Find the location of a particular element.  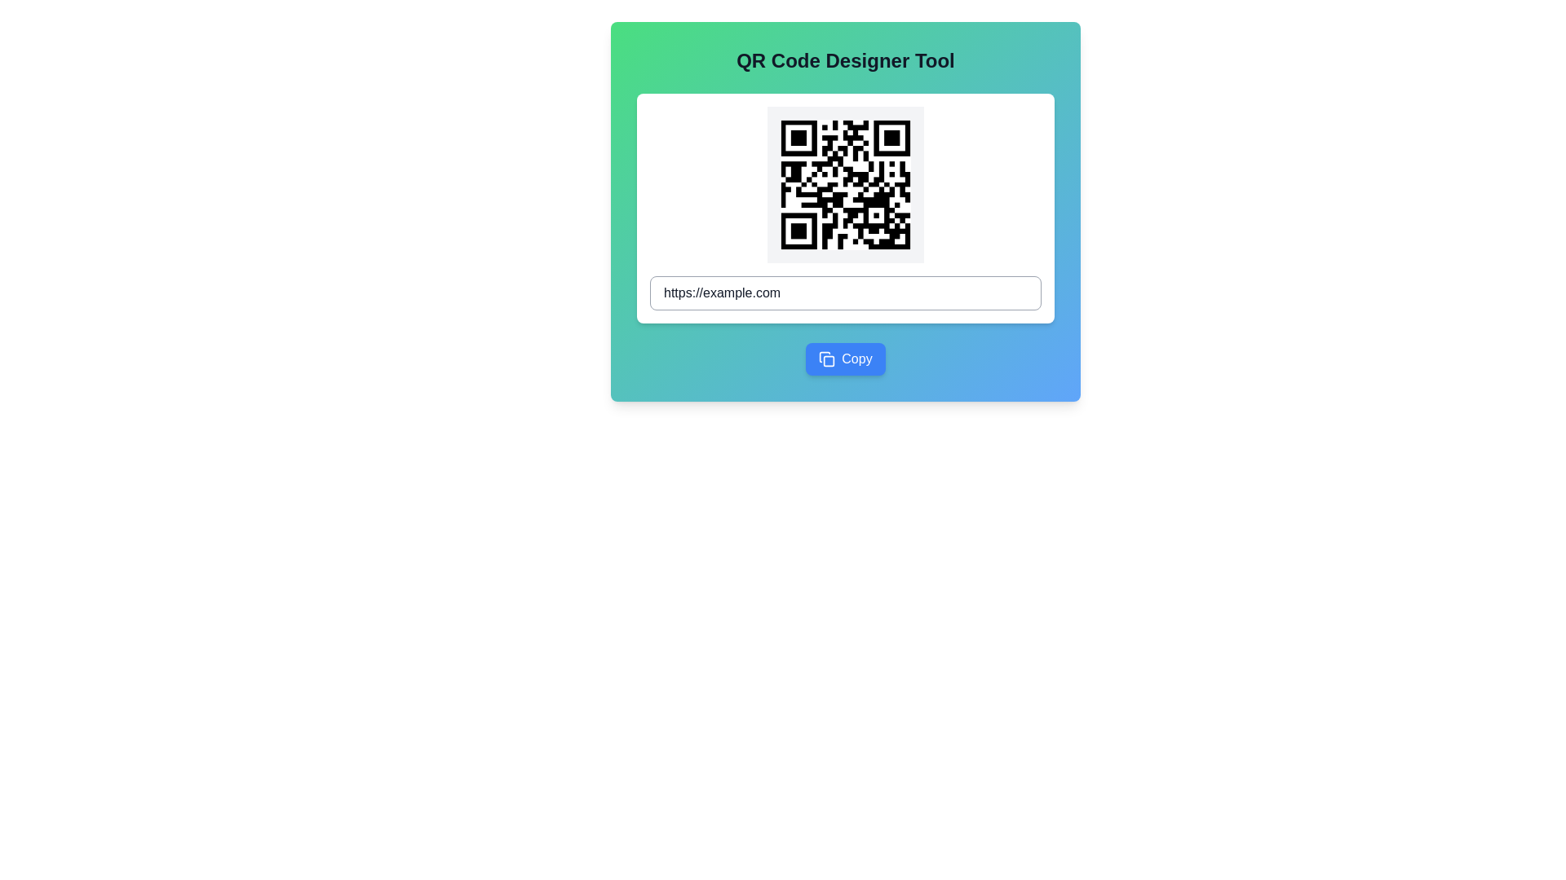

the light blue square with rounded corners, which is a subcomponent of the SVG-based document icon located in the lower region of the interface, adjacent to the 'Copy' button is located at coordinates (829, 360).